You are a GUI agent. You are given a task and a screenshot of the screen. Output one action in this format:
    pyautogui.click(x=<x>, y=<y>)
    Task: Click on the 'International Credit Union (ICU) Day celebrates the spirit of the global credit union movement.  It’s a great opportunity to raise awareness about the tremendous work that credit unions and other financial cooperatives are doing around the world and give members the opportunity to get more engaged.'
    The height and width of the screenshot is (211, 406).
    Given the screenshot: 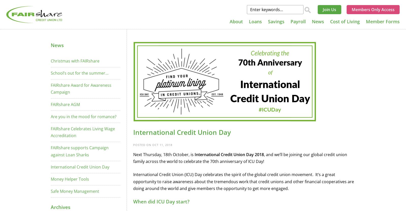 What is the action you would take?
    pyautogui.click(x=243, y=181)
    